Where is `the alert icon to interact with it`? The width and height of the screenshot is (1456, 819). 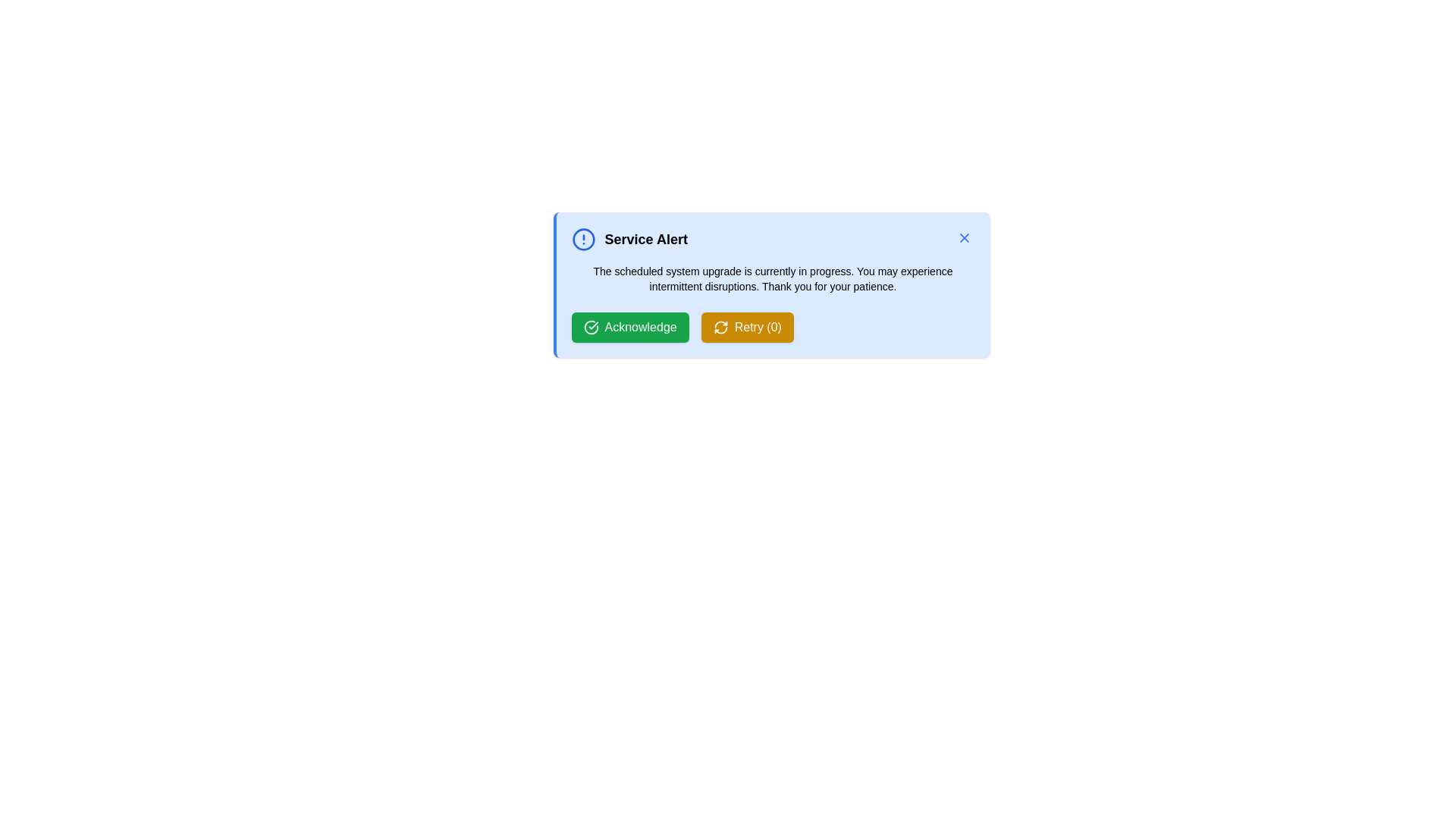 the alert icon to interact with it is located at coordinates (582, 239).